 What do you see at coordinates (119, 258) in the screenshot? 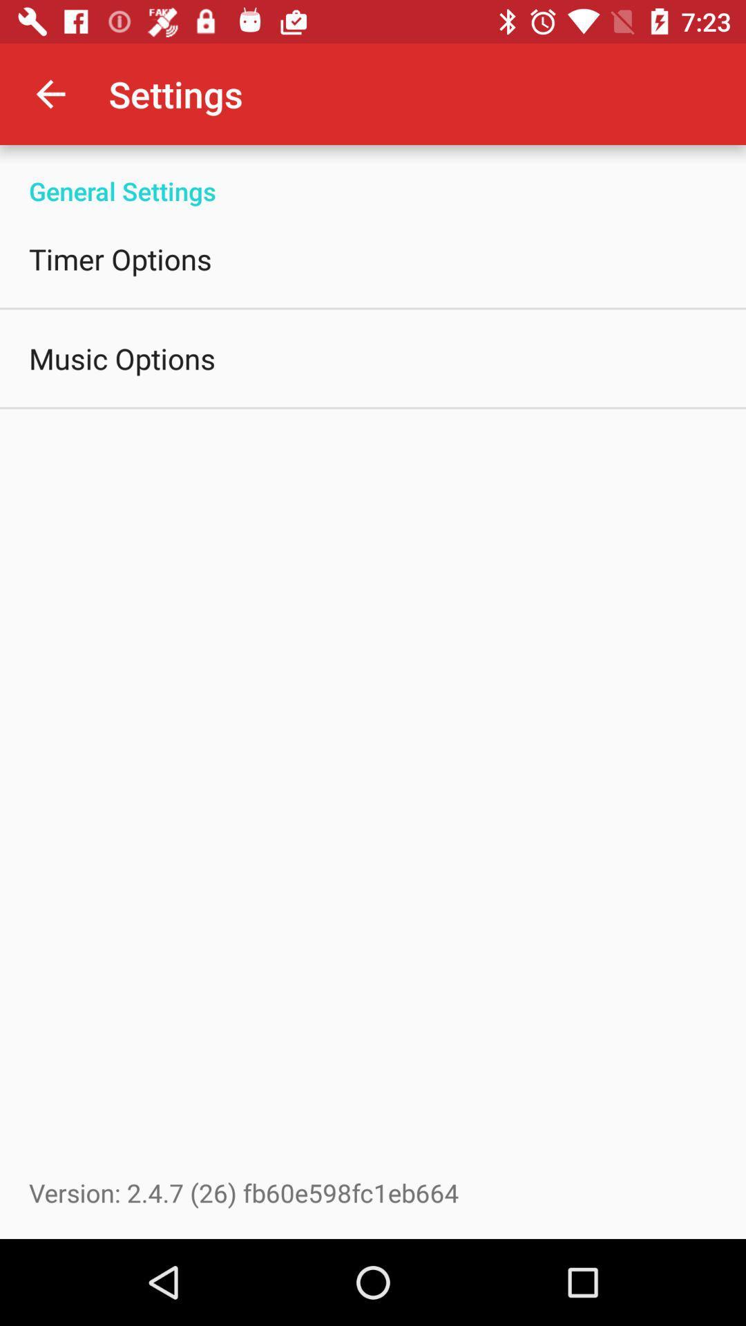
I see `the item above the music options item` at bounding box center [119, 258].